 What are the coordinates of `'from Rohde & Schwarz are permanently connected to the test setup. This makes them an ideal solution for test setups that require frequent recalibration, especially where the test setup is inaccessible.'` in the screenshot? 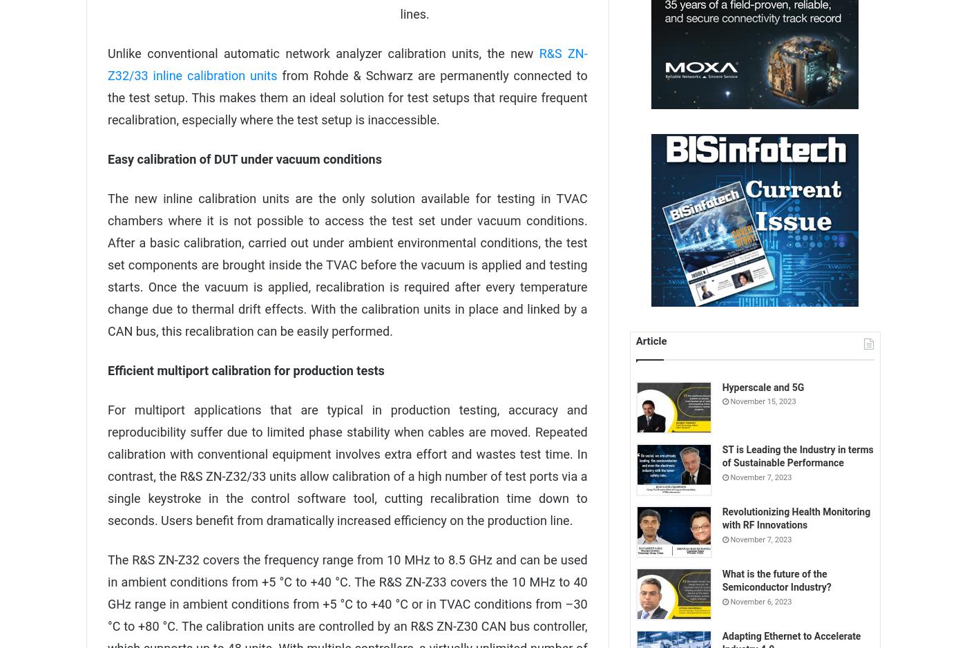 It's located at (347, 97).